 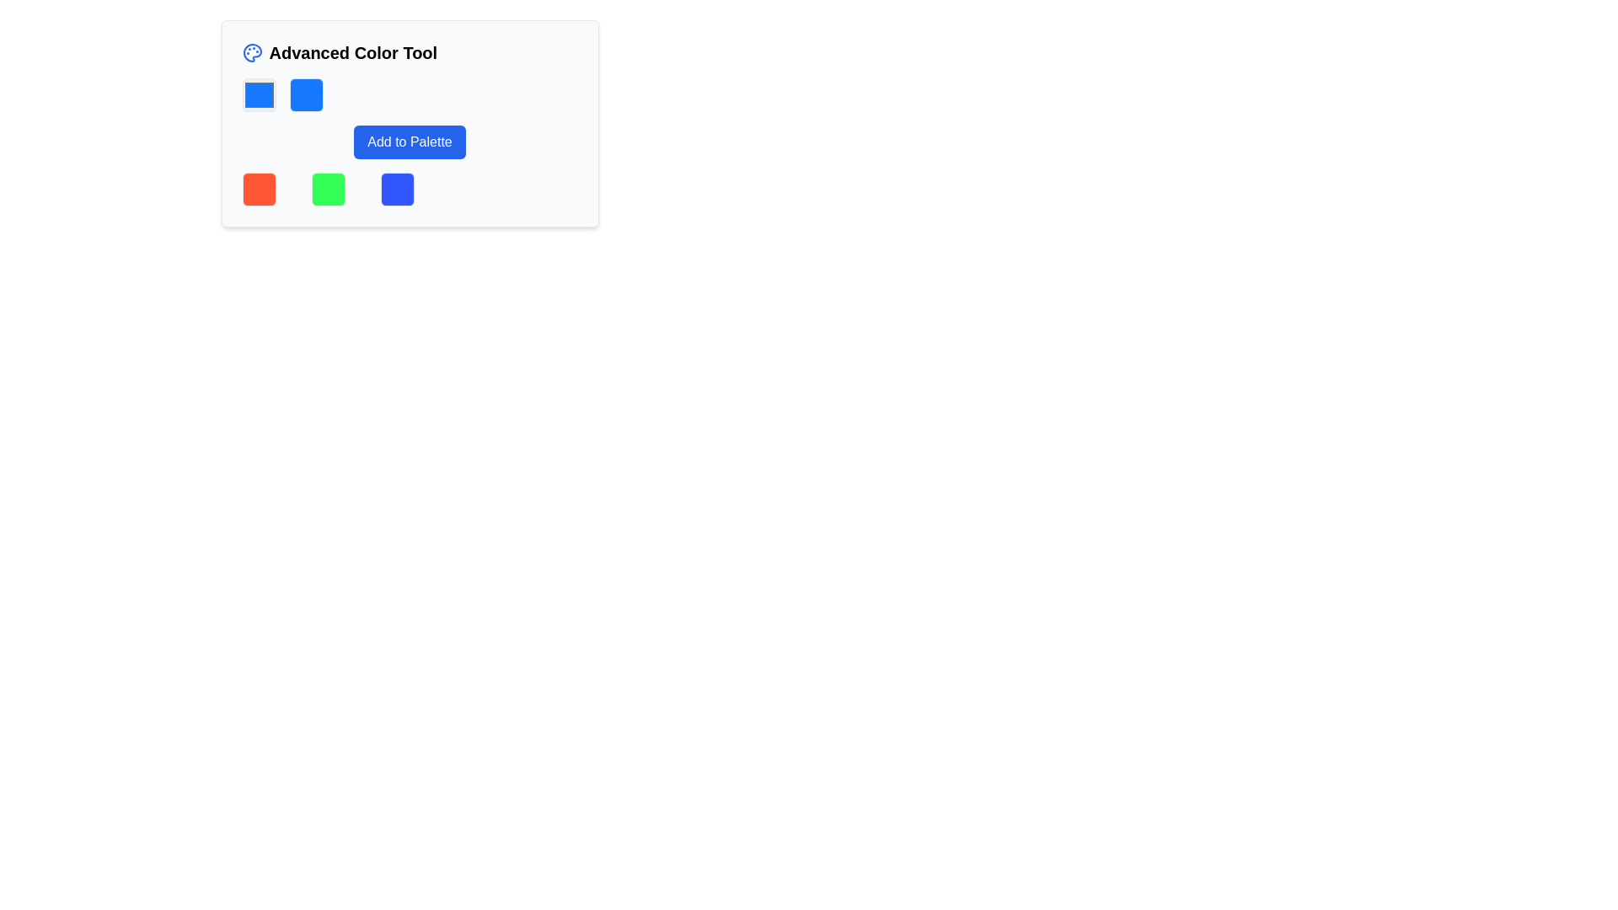 I want to click on the second square in the horizontal row of color options within the 'Advanced Color Tool' interface, so click(x=306, y=94).